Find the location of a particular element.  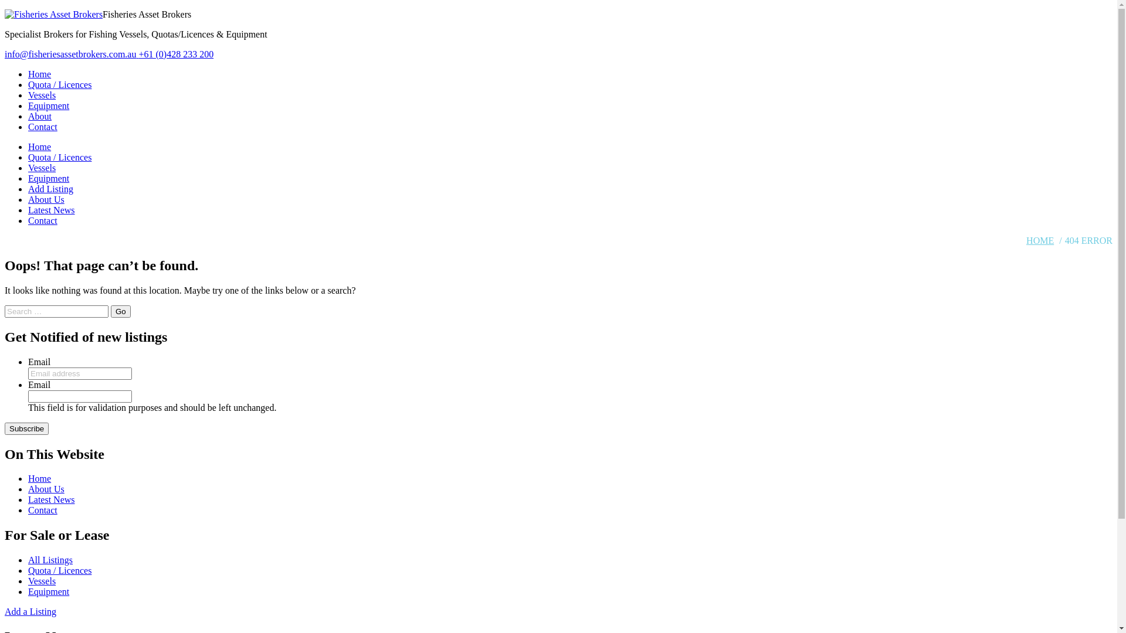

'Vessels' is located at coordinates (28, 581).